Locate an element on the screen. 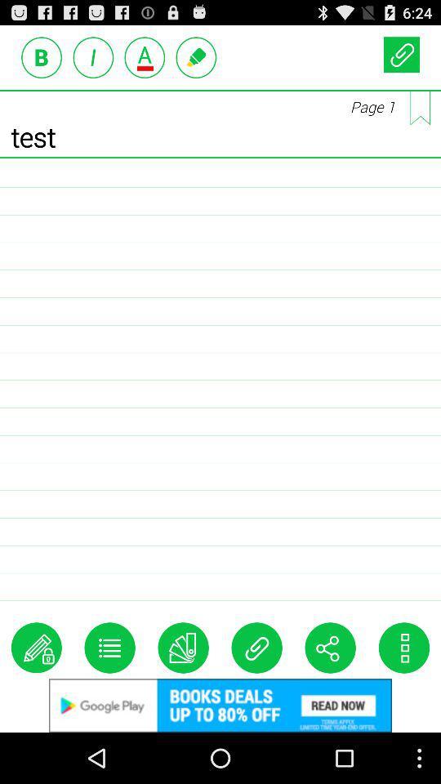 This screenshot has width=441, height=784. the advertisement option is located at coordinates (145, 57).